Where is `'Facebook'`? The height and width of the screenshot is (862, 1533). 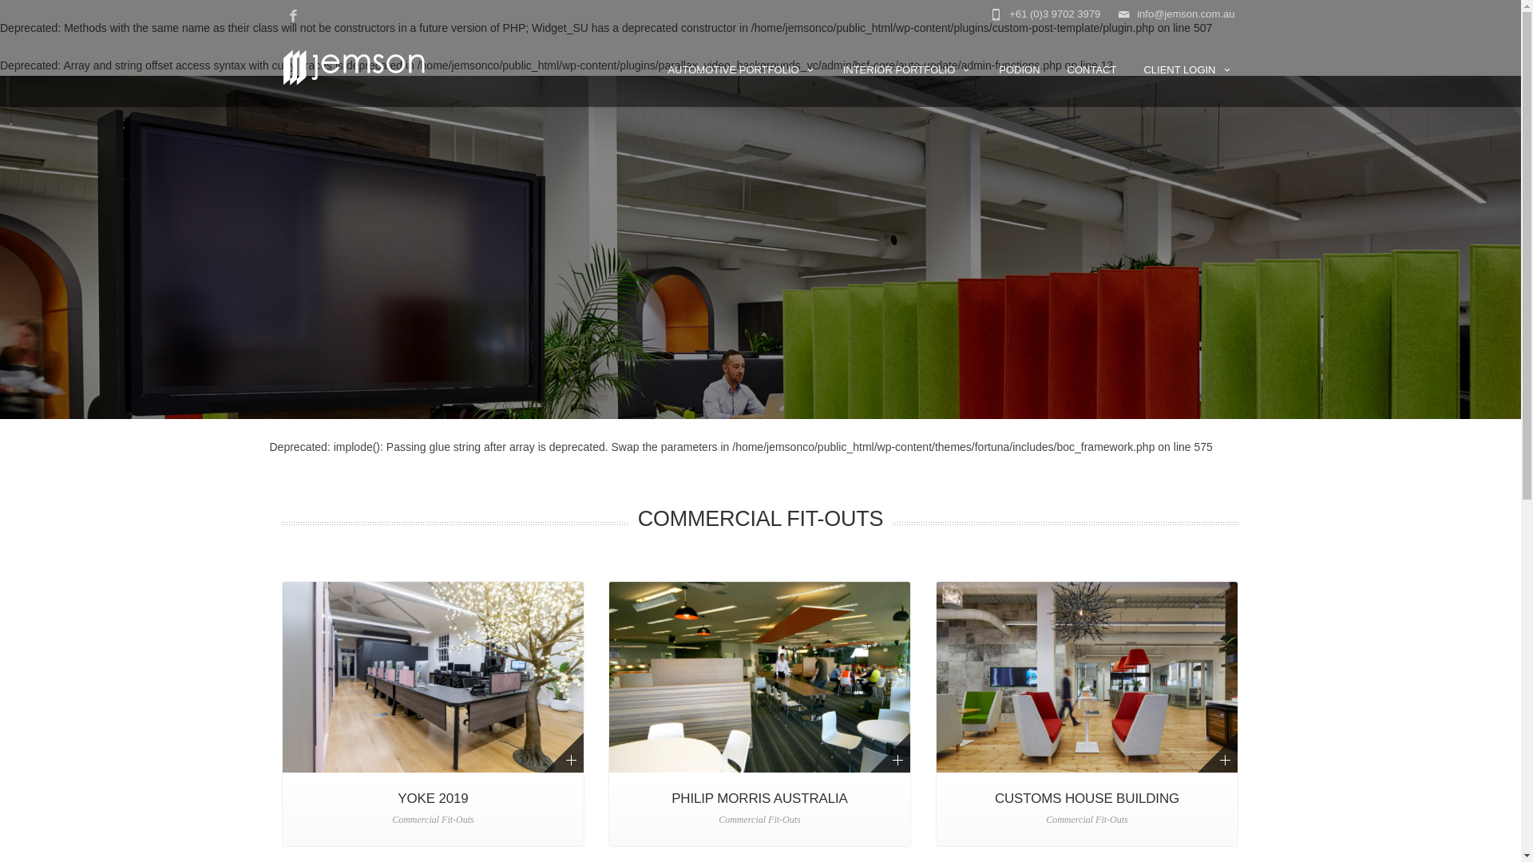 'Facebook' is located at coordinates (292, 15).